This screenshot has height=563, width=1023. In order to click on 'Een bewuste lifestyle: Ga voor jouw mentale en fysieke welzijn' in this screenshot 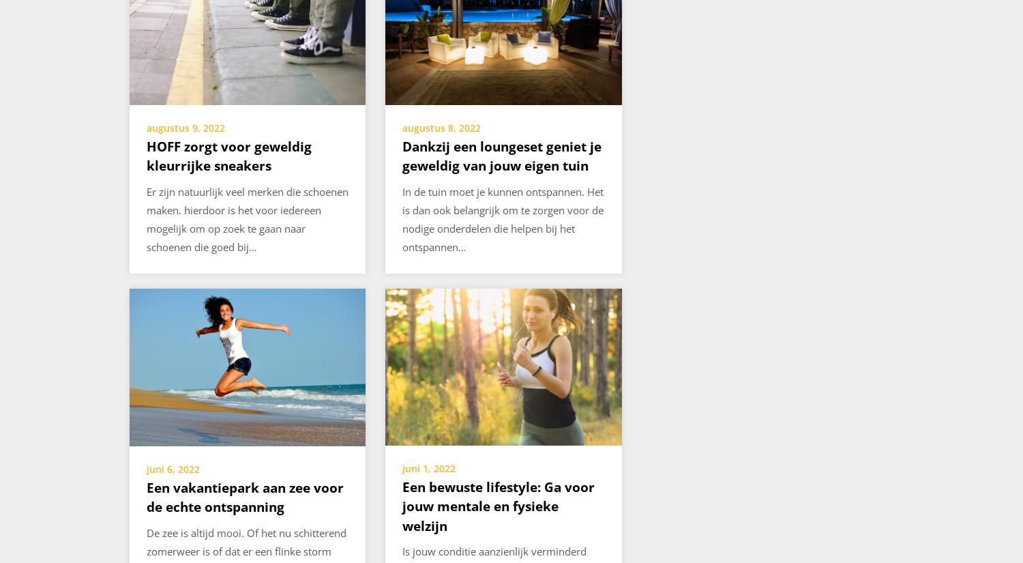, I will do `click(497, 506)`.